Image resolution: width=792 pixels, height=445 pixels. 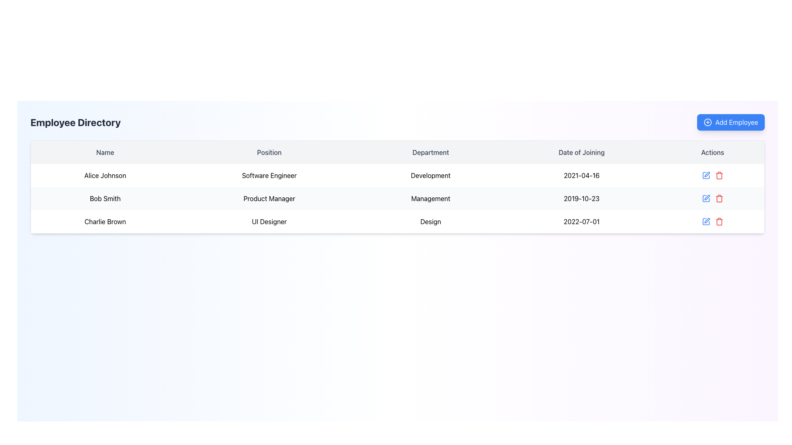 What do you see at coordinates (104, 221) in the screenshot?
I see `the text label displaying 'Charlie Brown' in the first cell of the third row of the table` at bounding box center [104, 221].